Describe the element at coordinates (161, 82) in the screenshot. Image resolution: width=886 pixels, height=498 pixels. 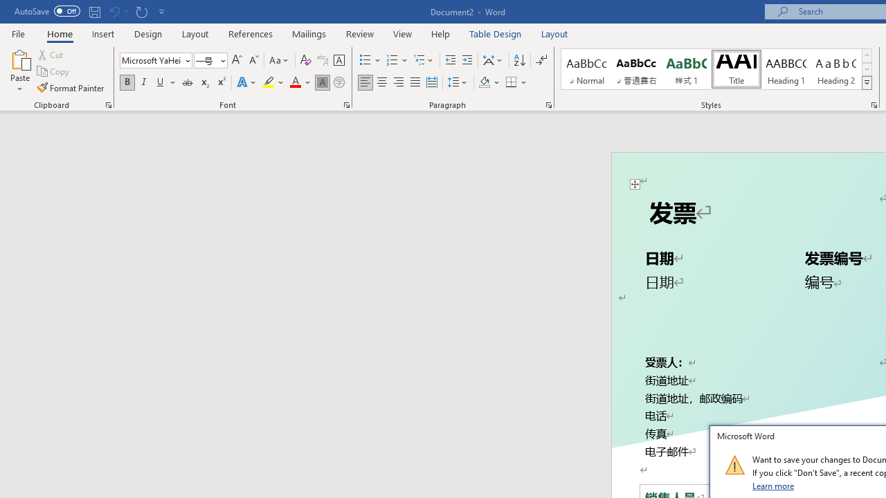
I see `'Underline'` at that location.